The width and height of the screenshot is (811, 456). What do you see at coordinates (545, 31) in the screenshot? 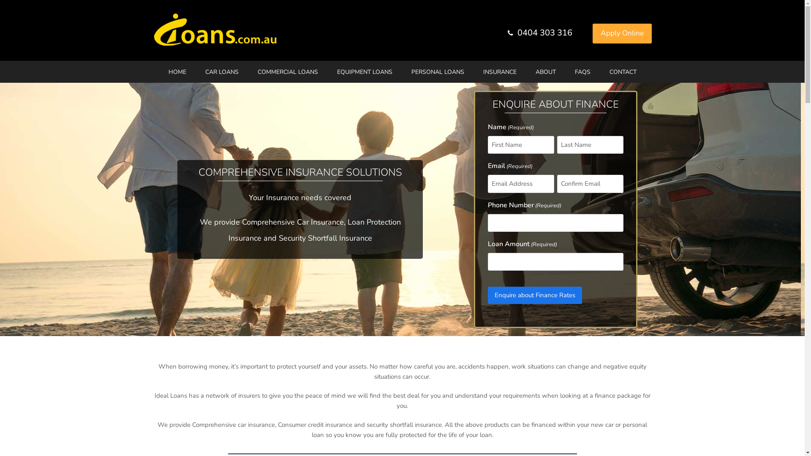
I see `'0404 303 316'` at bounding box center [545, 31].